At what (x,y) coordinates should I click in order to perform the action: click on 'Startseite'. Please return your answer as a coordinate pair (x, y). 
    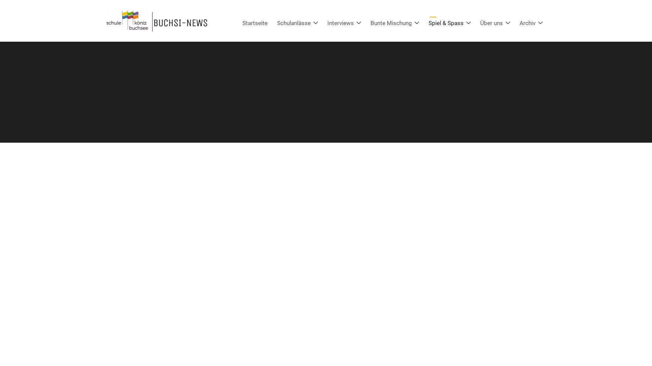
    Looking at the image, I should click on (238, 23).